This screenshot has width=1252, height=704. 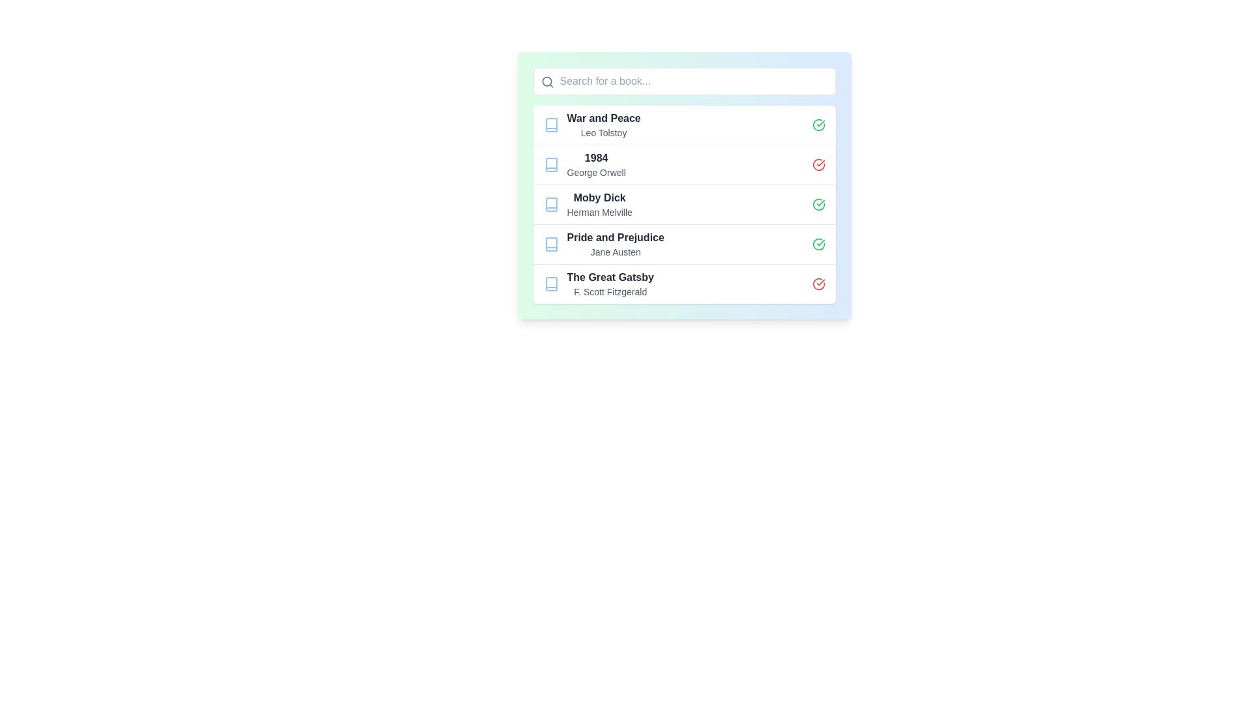 I want to click on the list item displaying 'Moby Dick' by Herman Melville, which is the third item in the book list and is centered horizontally within the interface, so click(x=683, y=204).